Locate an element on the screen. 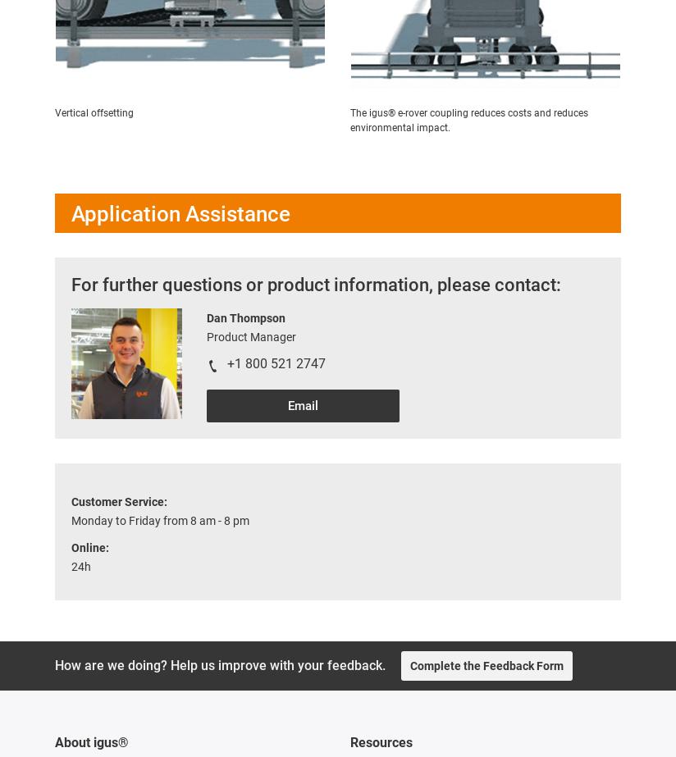 The height and width of the screenshot is (757, 676). 'Application Assistance' is located at coordinates (180, 214).